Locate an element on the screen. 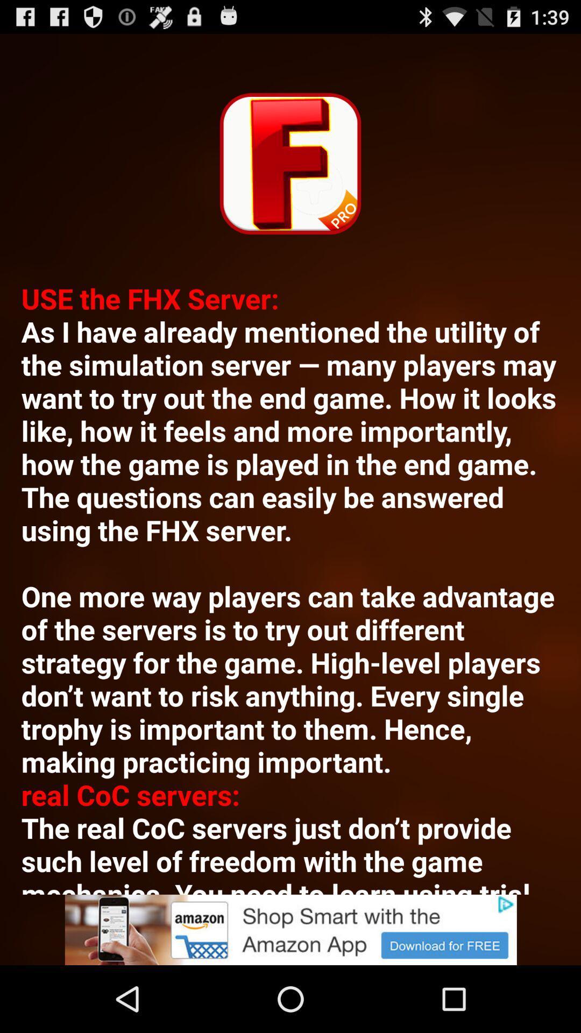 The image size is (581, 1033). advertisement link banner is located at coordinates (290, 929).